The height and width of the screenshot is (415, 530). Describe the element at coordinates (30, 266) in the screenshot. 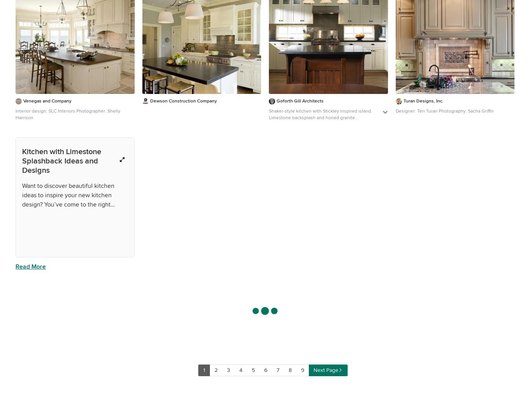

I see `'Read More'` at that location.